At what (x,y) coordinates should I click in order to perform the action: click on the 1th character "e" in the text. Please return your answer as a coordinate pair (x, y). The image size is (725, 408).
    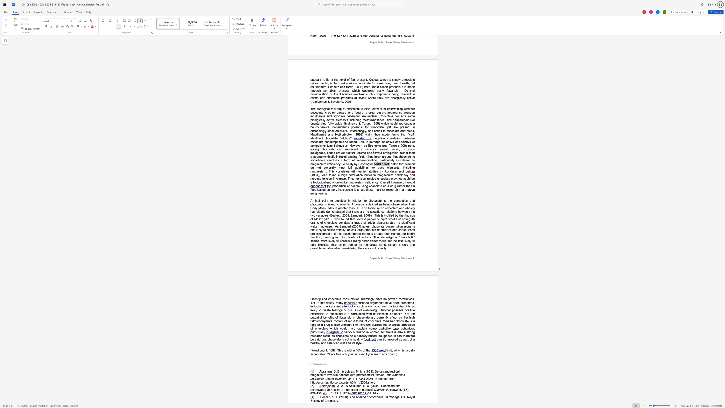
    Looking at the image, I should click on (314, 364).